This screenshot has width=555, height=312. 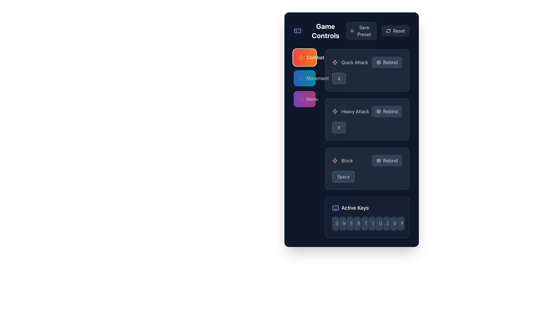 I want to click on the gear icon located to the left of the 'Rebind' button, which is the first button in the vertical arrangement for 'Quick Attack' in the right-side pane, so click(x=378, y=62).